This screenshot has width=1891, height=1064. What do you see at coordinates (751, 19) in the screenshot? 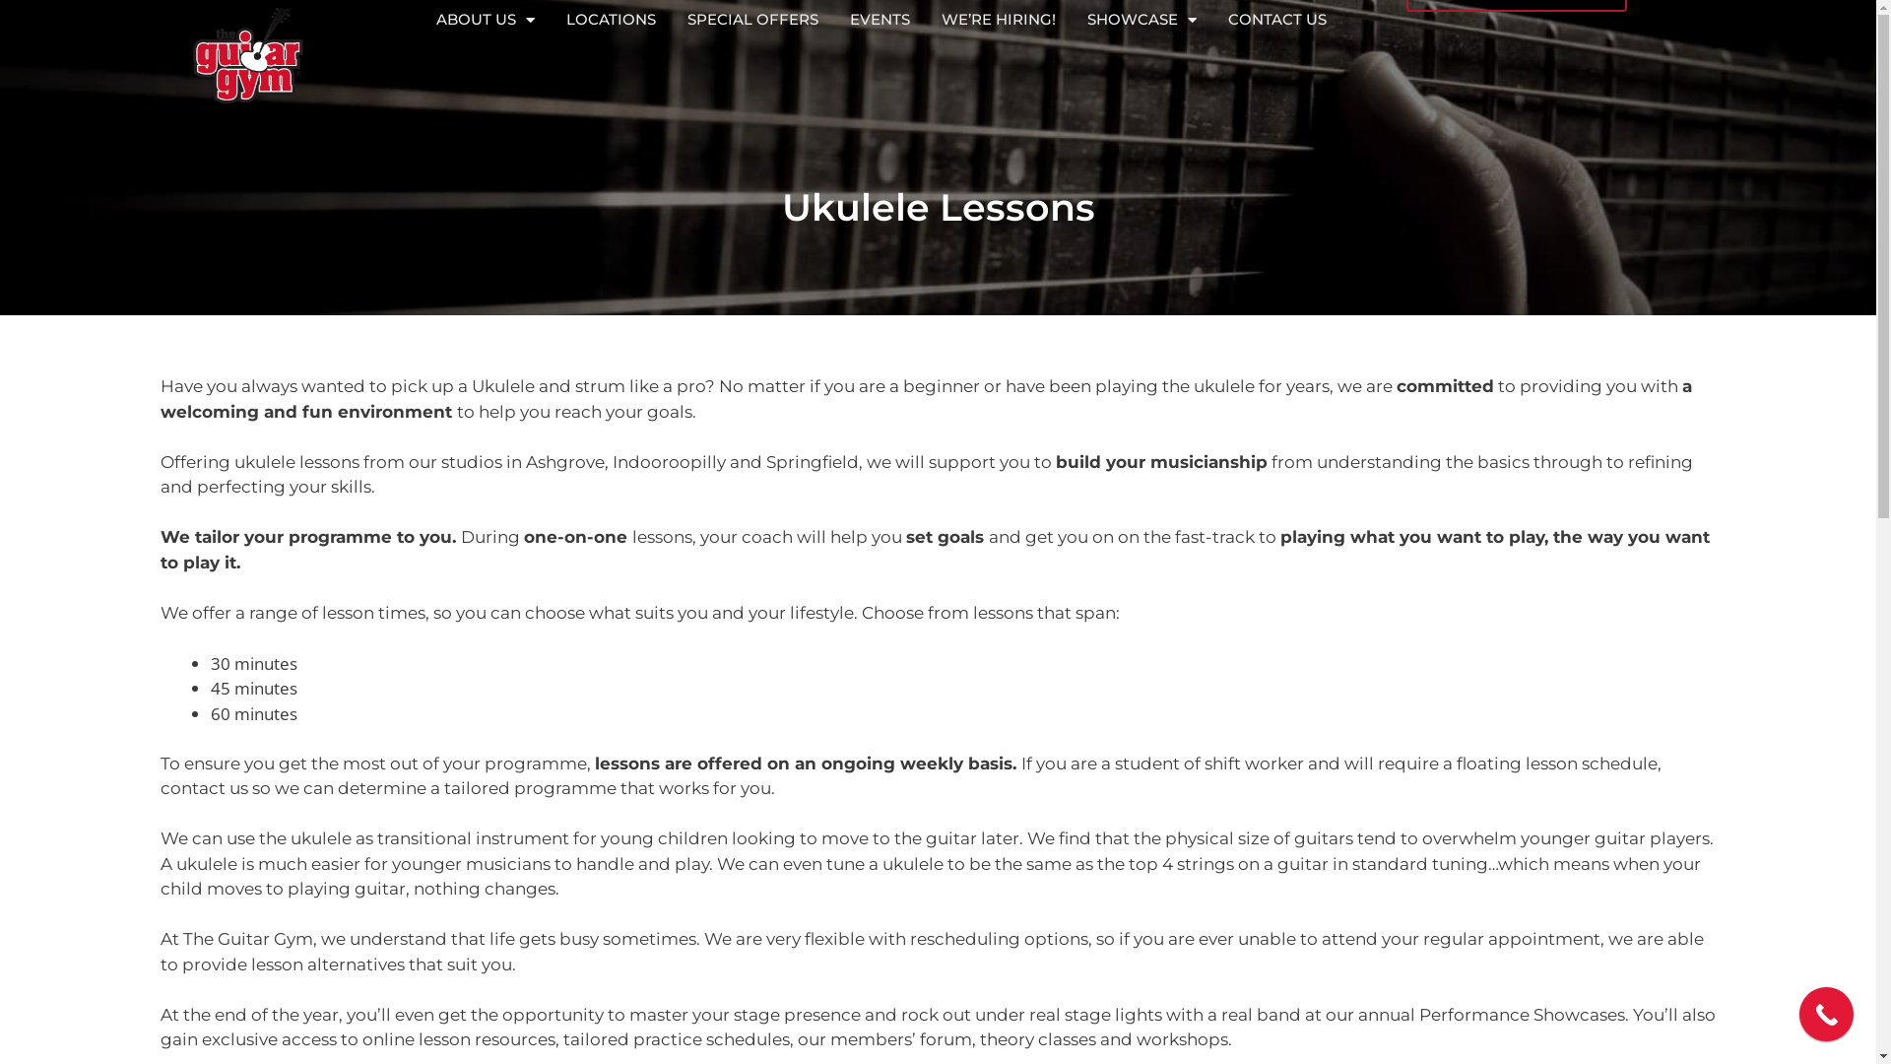
I see `'SPECIAL OFFERS'` at bounding box center [751, 19].